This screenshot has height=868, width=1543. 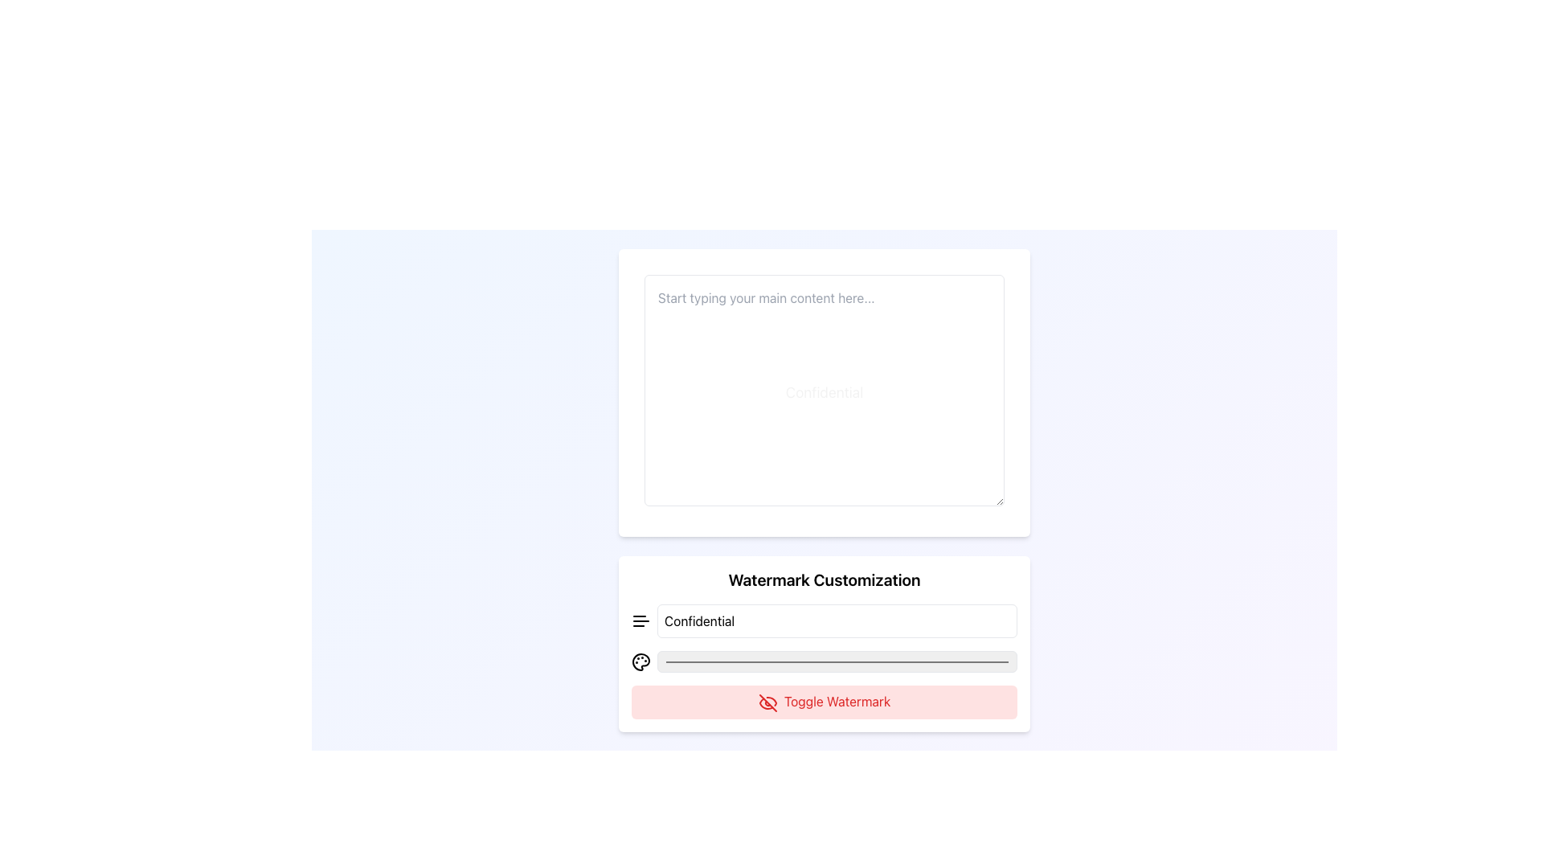 I want to click on the 'Toggle Watermark' button located at the bottom of the 'Watermark Customization' section, so click(x=825, y=700).